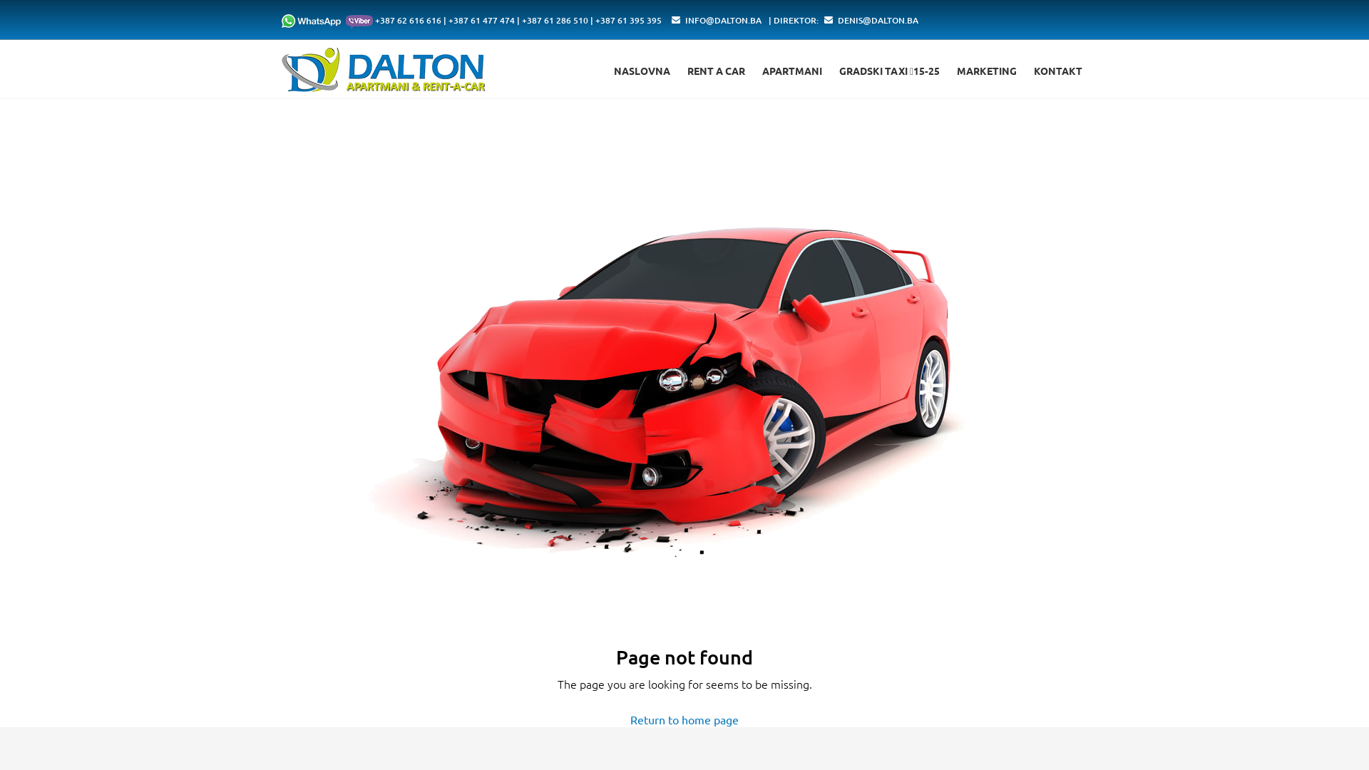 The image size is (1369, 770). Describe the element at coordinates (481, 20) in the screenshot. I see `'+387 61 477 474'` at that location.